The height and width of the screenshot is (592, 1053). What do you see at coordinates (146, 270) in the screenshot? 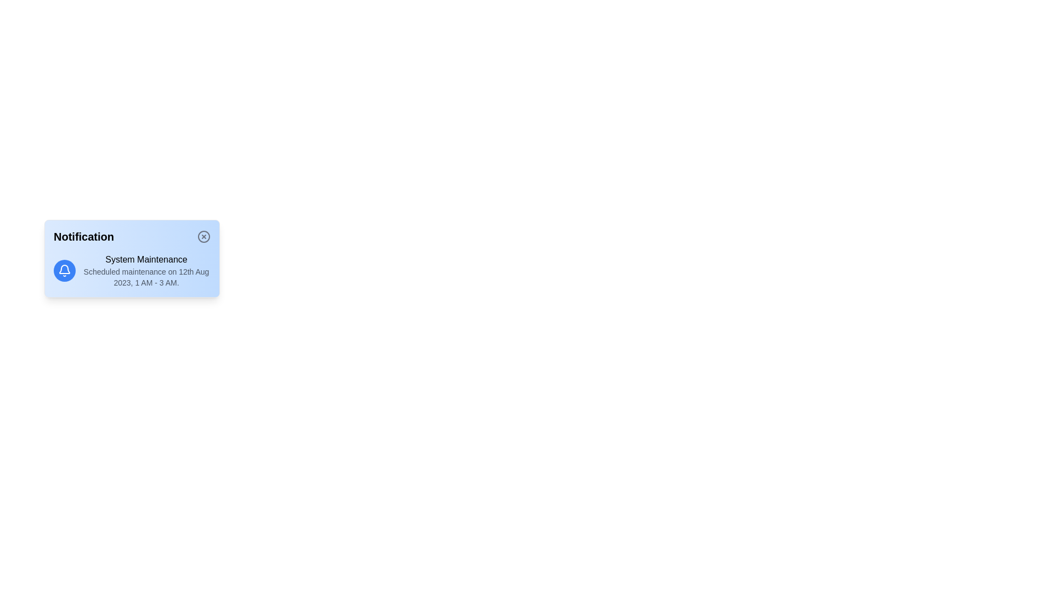
I see `the text display titled 'System Maintenance' which contains information about scheduled maintenance on '12th Aug 2023, 1 AM - 3 AM'` at bounding box center [146, 270].